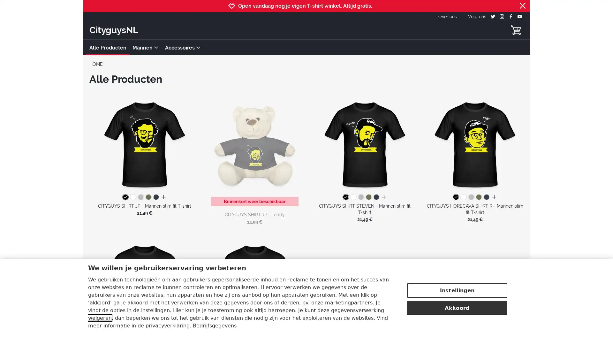 This screenshot has height=345, width=613. I want to click on CITYGUYS SHIRT STEVEN - Mannen slim fit T-shirt, so click(365, 143).